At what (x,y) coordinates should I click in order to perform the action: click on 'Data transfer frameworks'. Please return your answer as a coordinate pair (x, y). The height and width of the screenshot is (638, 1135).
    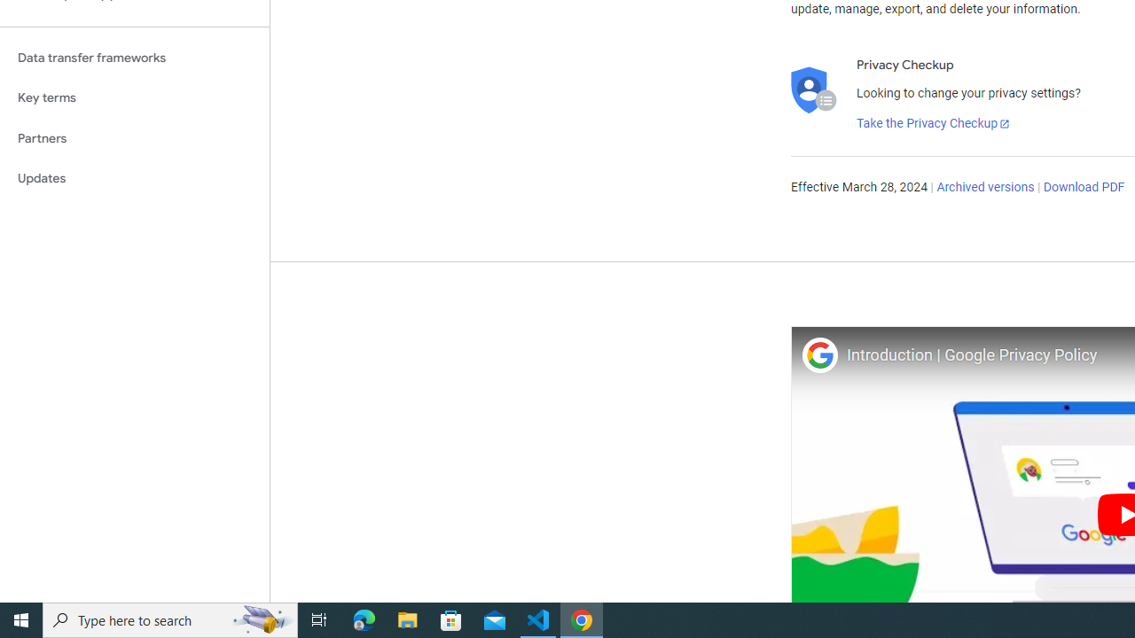
    Looking at the image, I should click on (134, 57).